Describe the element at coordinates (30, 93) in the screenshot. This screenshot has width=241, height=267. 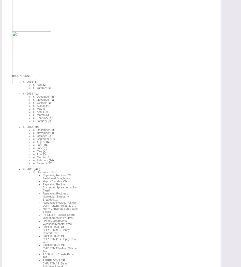
I see `'2013'` at that location.